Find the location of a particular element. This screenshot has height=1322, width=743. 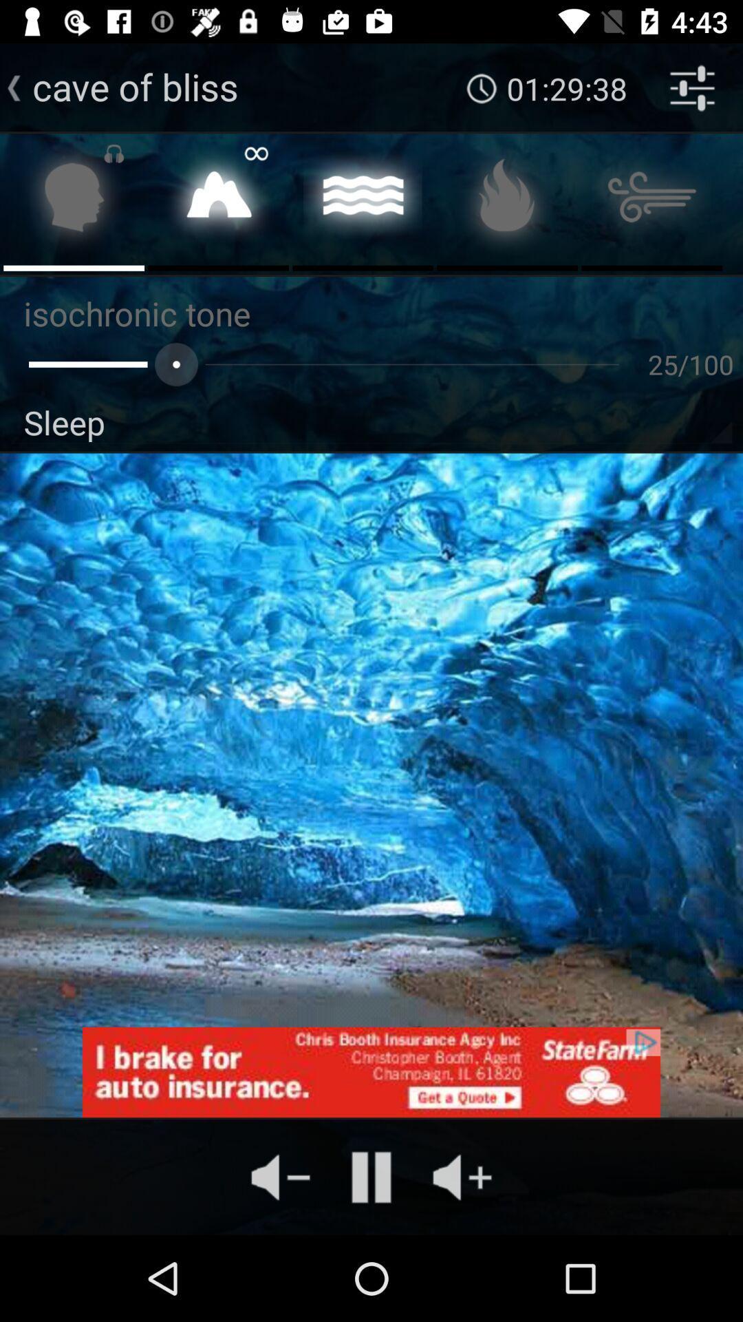

the time icon is located at coordinates (482, 87).